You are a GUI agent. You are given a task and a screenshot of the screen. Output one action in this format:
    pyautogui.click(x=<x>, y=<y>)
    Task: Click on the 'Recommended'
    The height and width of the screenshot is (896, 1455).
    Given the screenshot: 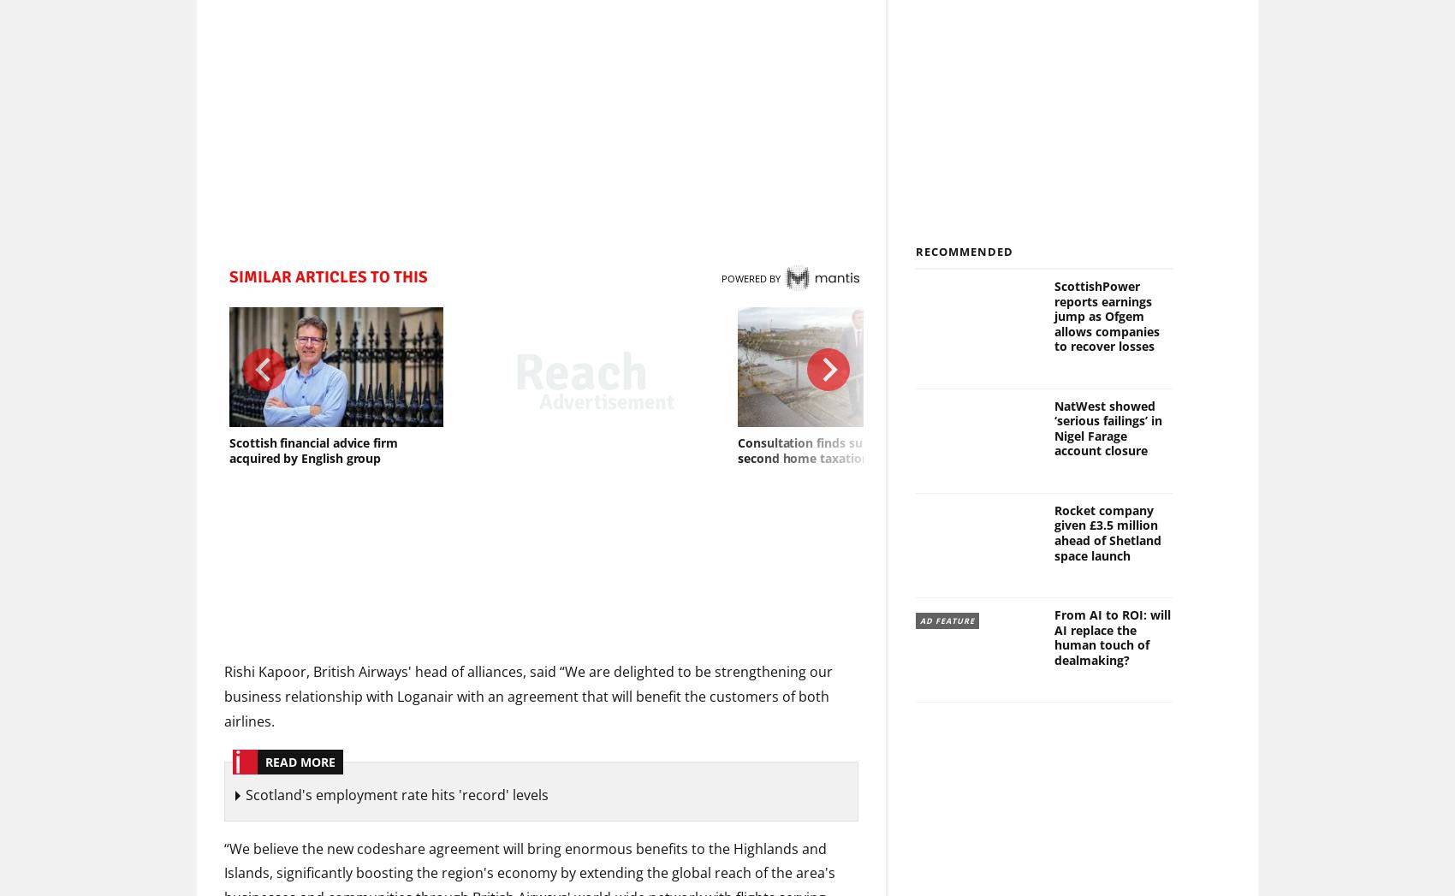 What is the action you would take?
    pyautogui.click(x=964, y=249)
    